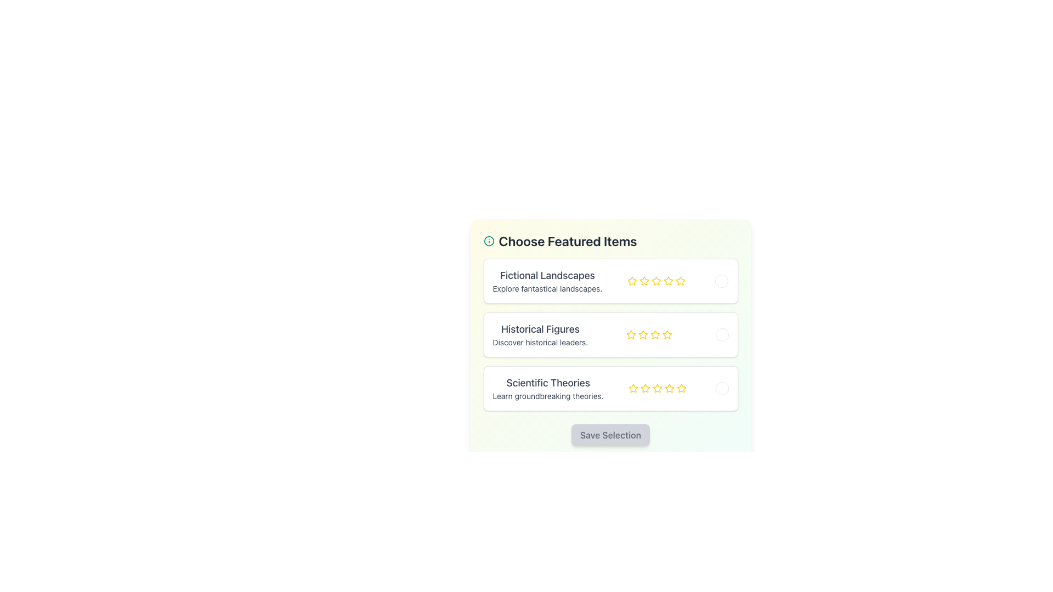 This screenshot has height=592, width=1053. I want to click on the text element that says 'Learn groundbreaking theories.' located in the third row under the title 'Scientific Theories.', so click(548, 396).